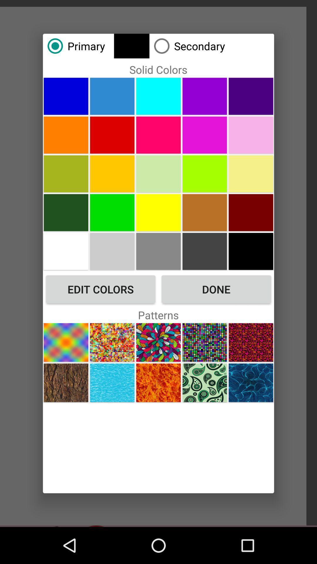 Image resolution: width=317 pixels, height=564 pixels. What do you see at coordinates (251, 383) in the screenshot?
I see `choose a pattern` at bounding box center [251, 383].